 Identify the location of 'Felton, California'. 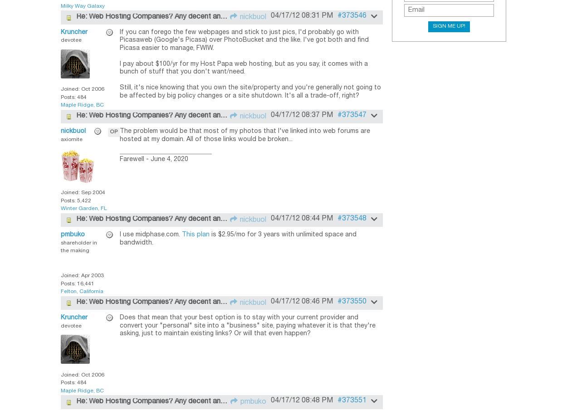
(82, 291).